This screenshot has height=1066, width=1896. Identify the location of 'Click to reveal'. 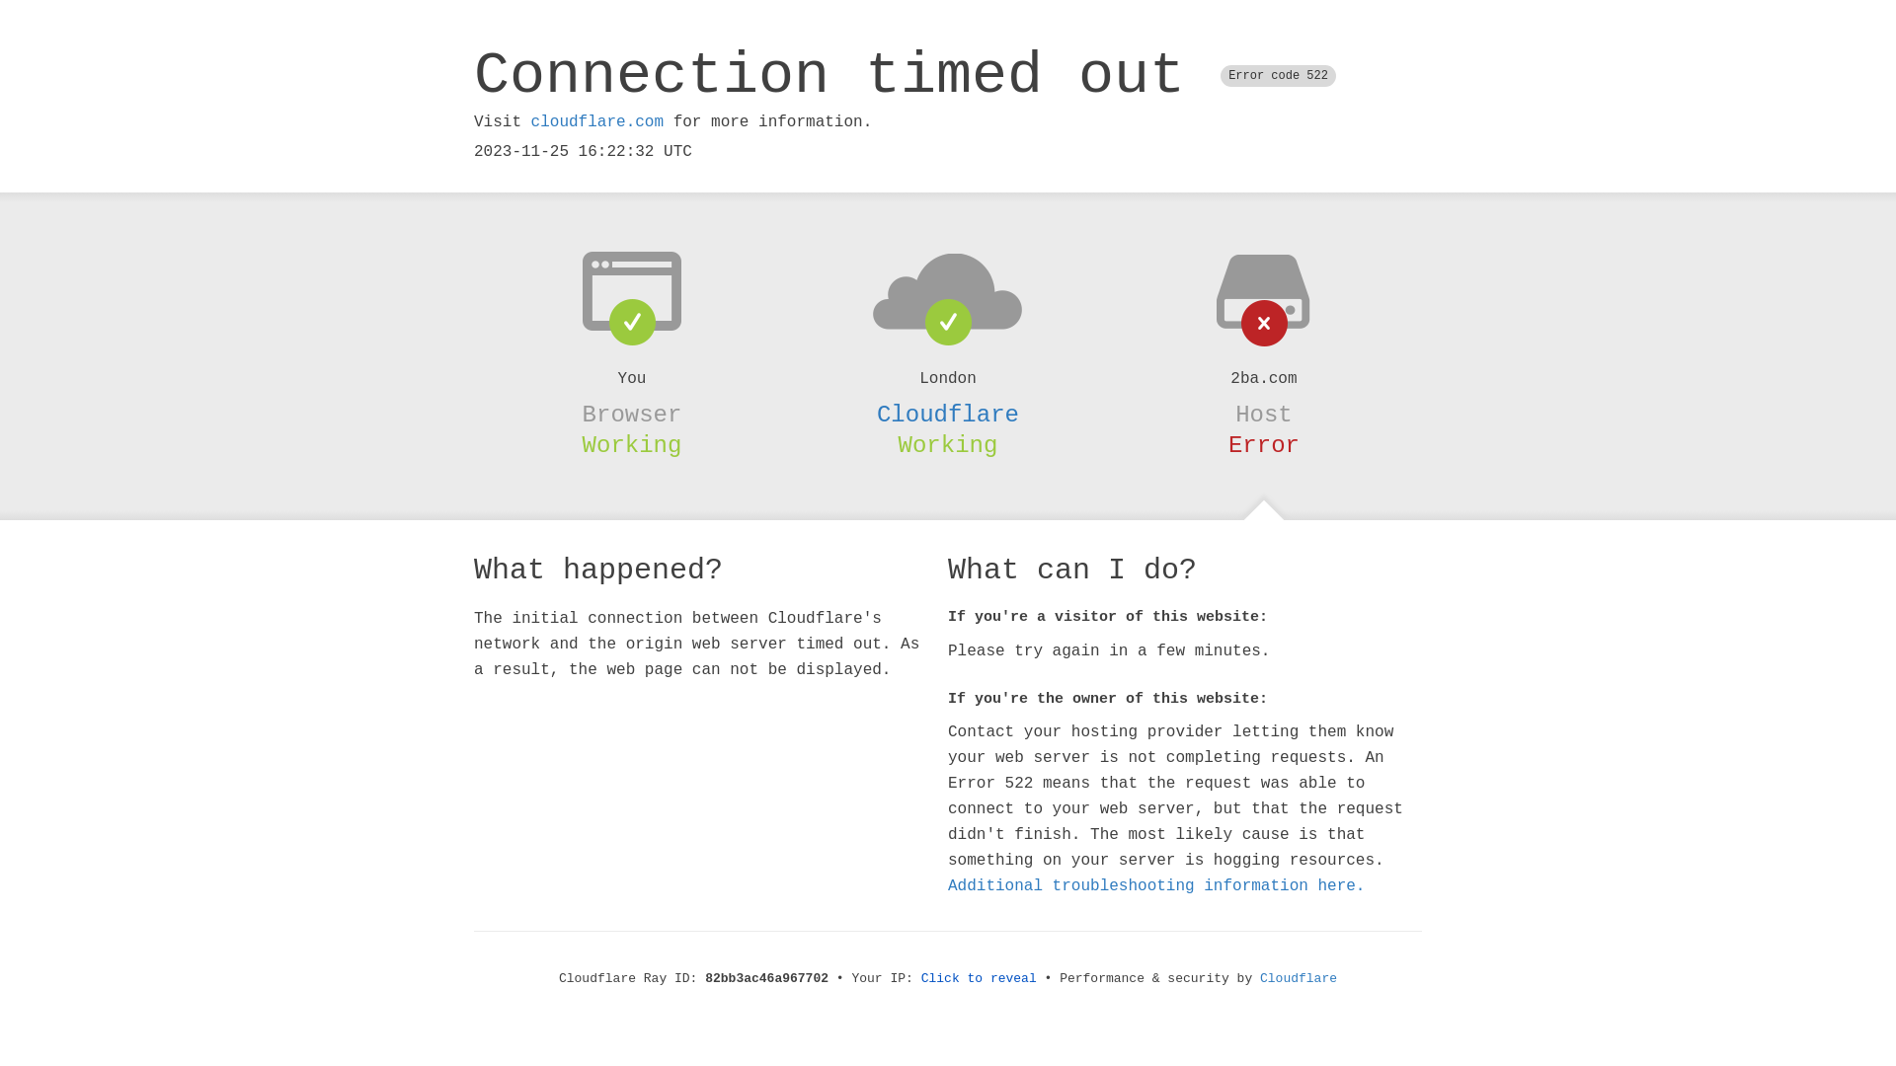
(979, 978).